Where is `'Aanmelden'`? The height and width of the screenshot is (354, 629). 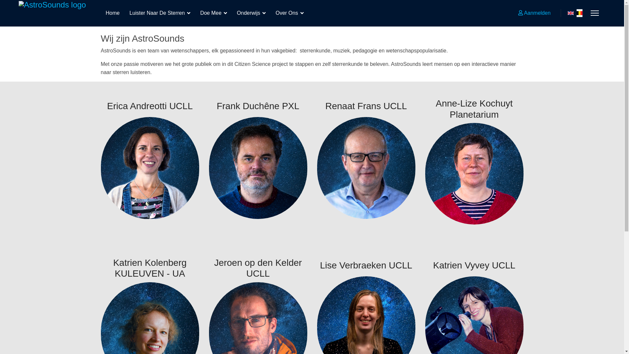 'Aanmelden' is located at coordinates (534, 13).